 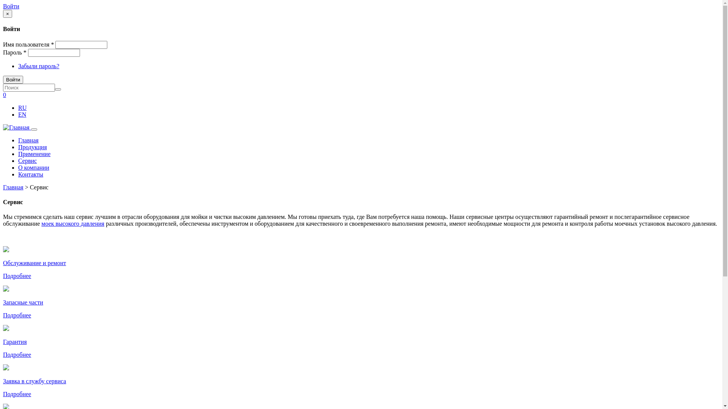 What do you see at coordinates (5, 94) in the screenshot?
I see `'0'` at bounding box center [5, 94].